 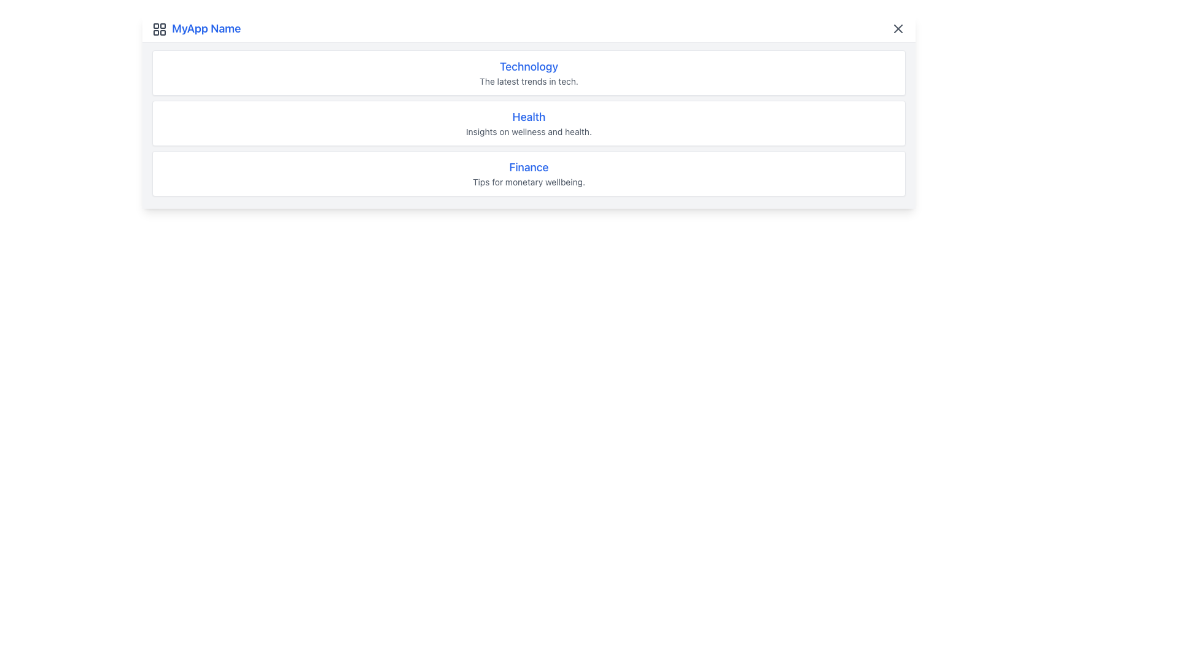 What do you see at coordinates (158, 28) in the screenshot?
I see `the application logo/icon located in the top-left corner of the header section, adjacent to the text 'MyApp Name'` at bounding box center [158, 28].